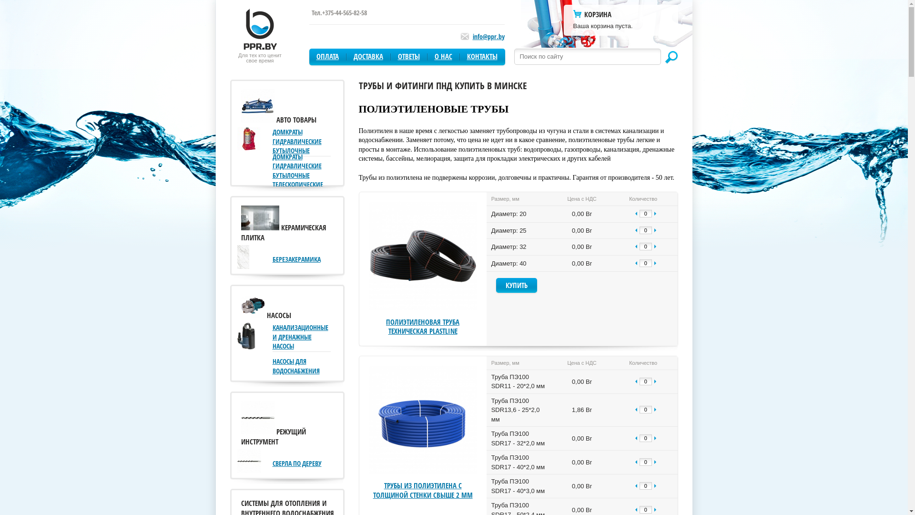  I want to click on '+', so click(654, 486).